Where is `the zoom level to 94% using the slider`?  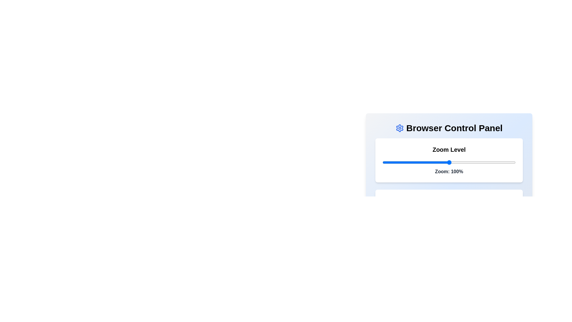 the zoom level to 94% using the slider is located at coordinates (441, 162).